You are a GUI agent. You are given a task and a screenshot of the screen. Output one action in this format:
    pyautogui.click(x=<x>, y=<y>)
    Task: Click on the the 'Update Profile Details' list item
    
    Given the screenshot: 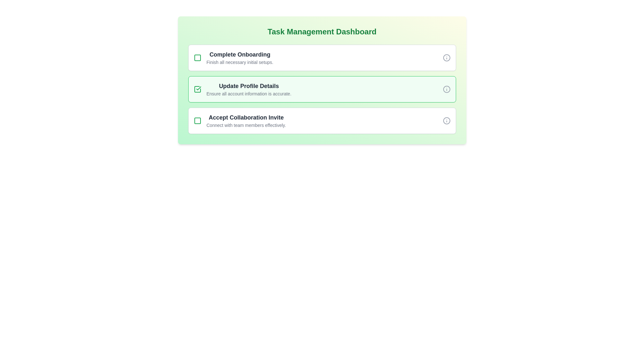 What is the action you would take?
    pyautogui.click(x=322, y=89)
    